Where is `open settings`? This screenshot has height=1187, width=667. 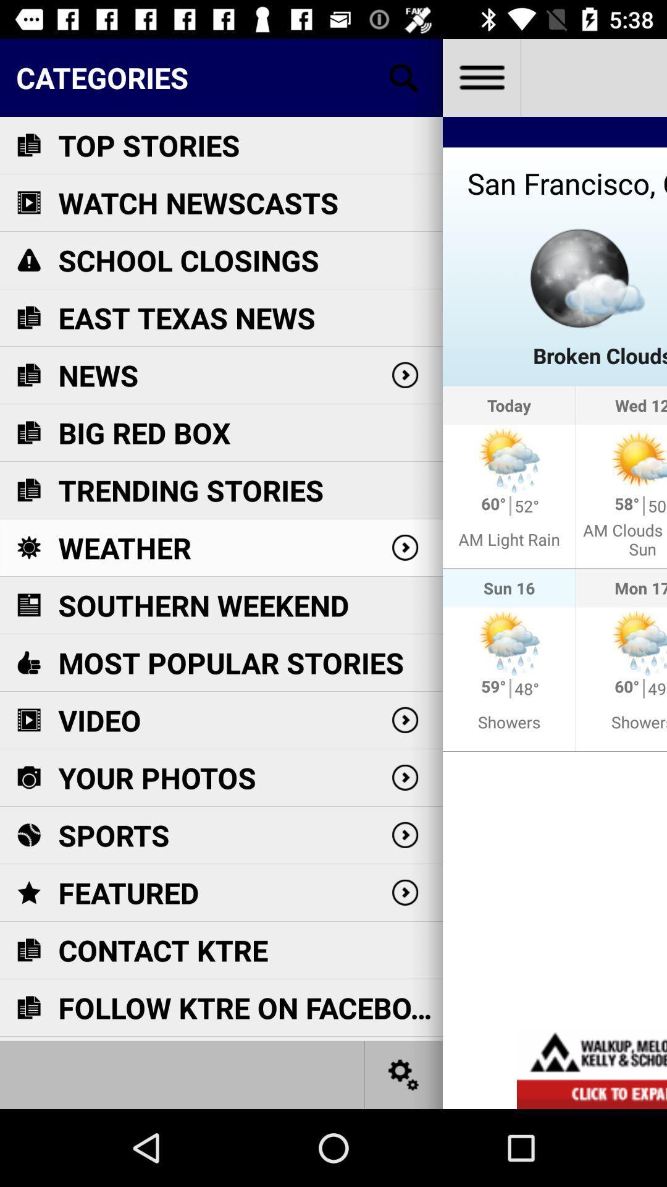
open settings is located at coordinates (404, 1074).